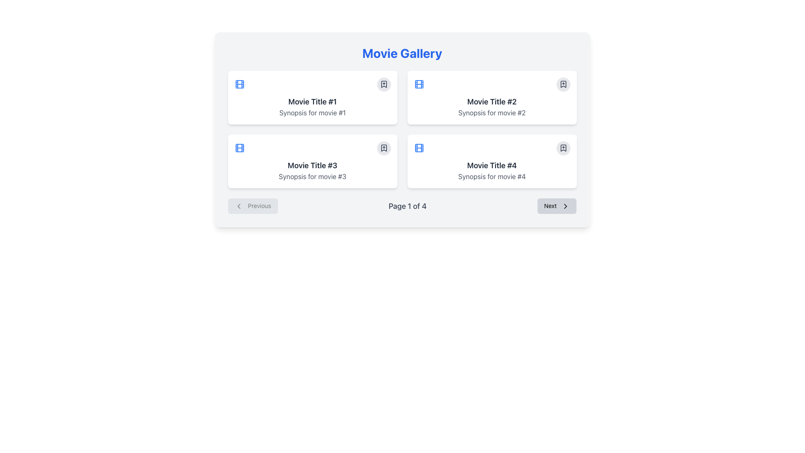 The width and height of the screenshot is (805, 453). What do you see at coordinates (563, 84) in the screenshot?
I see `the small, rounded gray button with a bookmark icon and a plus symbol located at the top-right corner of the card labeled 'Movie Title #2' to bookmark the item` at bounding box center [563, 84].